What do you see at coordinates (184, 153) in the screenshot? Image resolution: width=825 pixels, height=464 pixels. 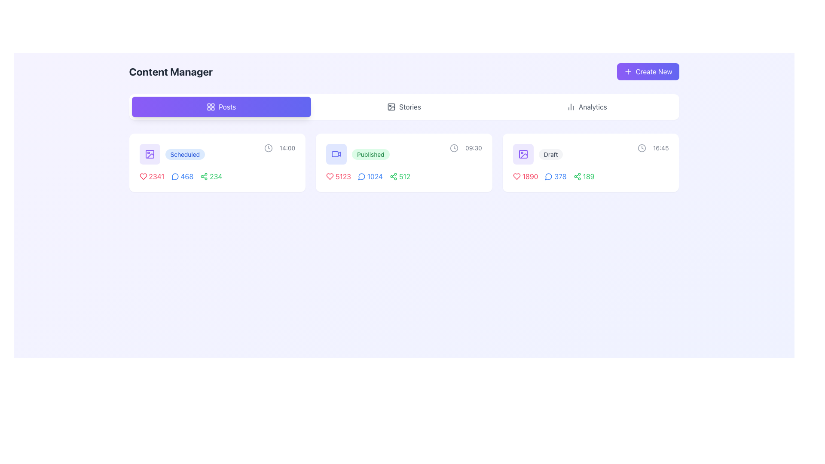 I see `the 'Scheduled' status label located below the 'Content Manager' title on the leftmost card in a grid of three cards` at bounding box center [184, 153].